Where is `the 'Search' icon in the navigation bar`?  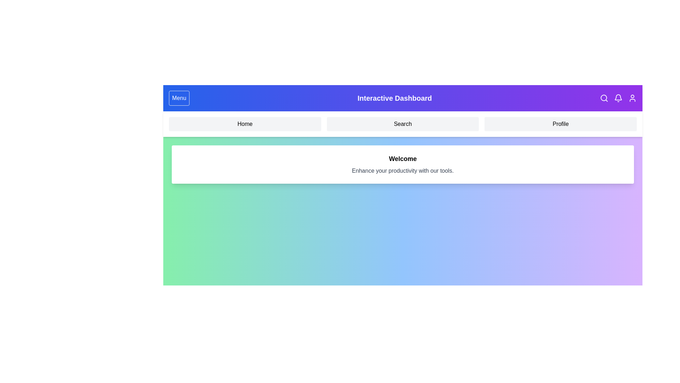 the 'Search' icon in the navigation bar is located at coordinates (603, 98).